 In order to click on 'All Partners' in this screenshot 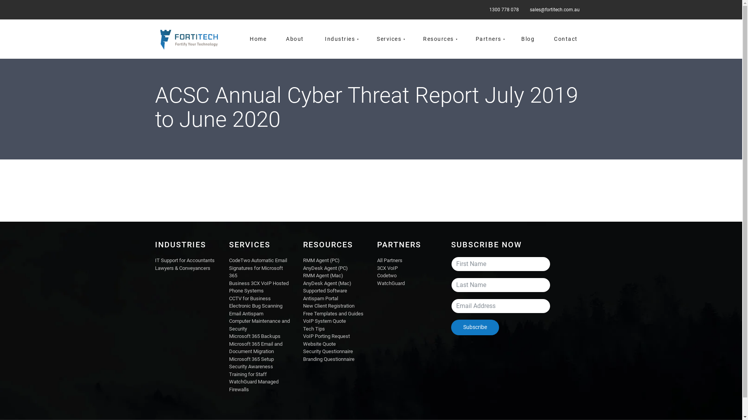, I will do `click(390, 260)`.